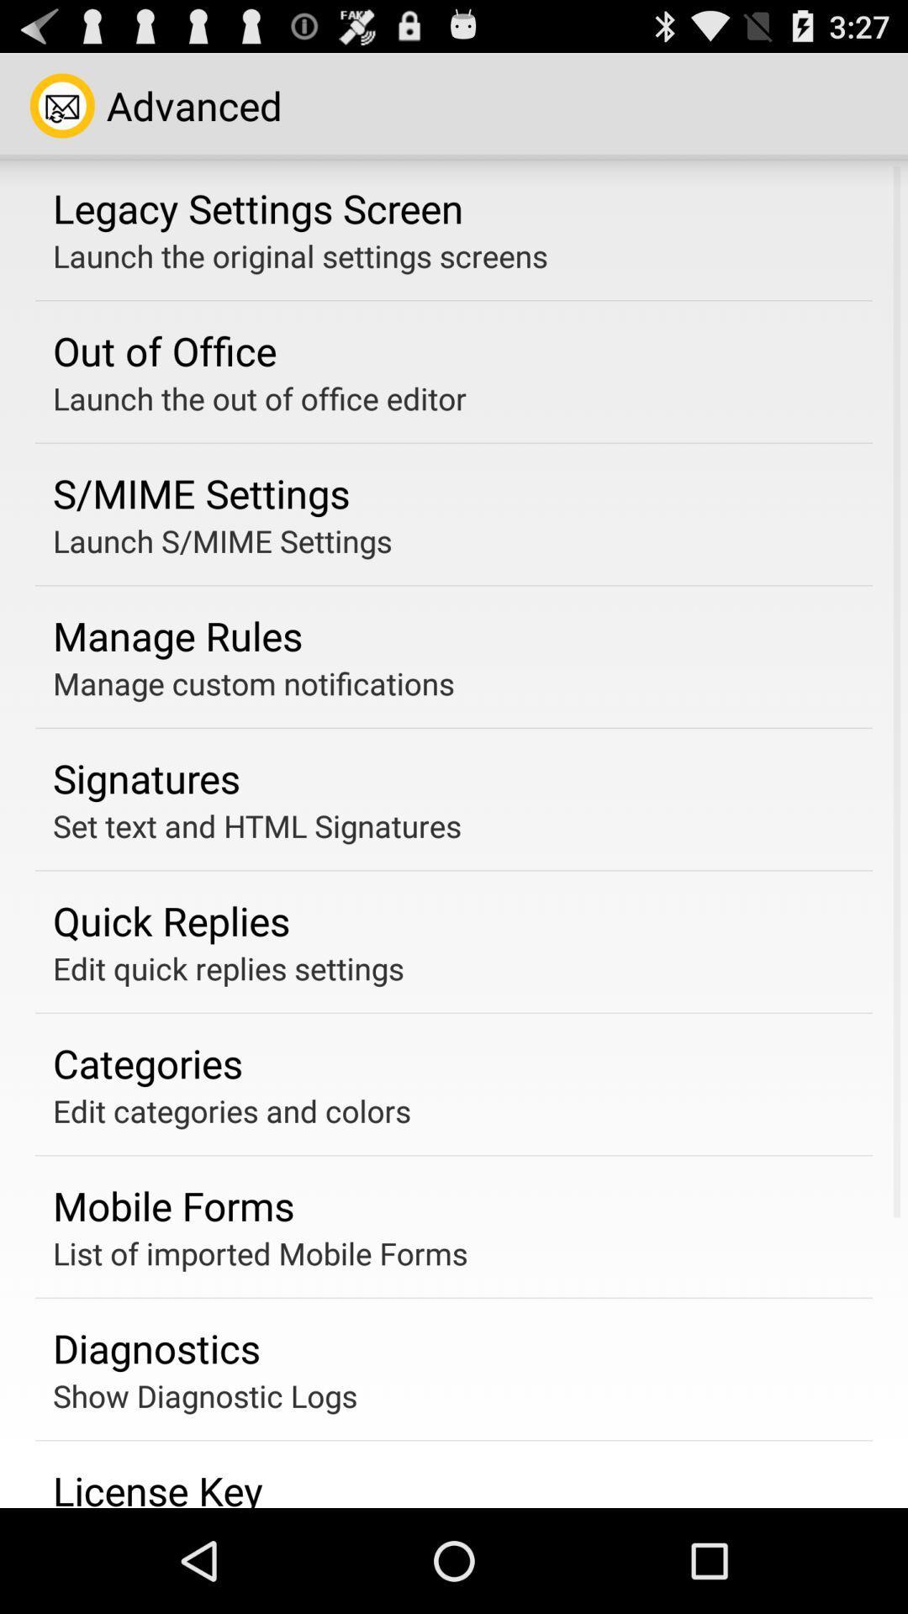 This screenshot has width=908, height=1614. What do you see at coordinates (177, 635) in the screenshot?
I see `the manage rules` at bounding box center [177, 635].